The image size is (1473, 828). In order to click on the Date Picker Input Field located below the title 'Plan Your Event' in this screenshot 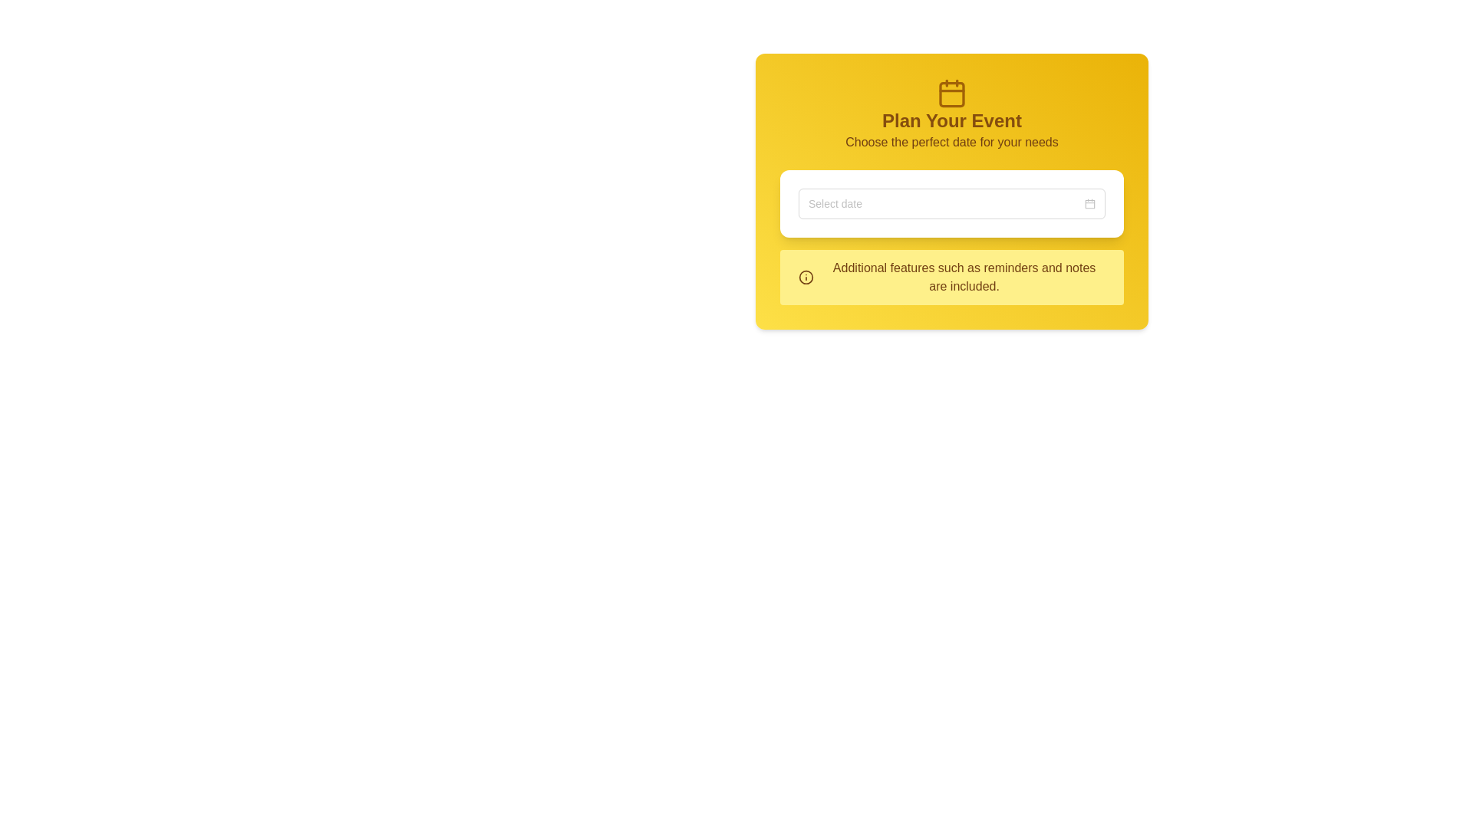, I will do `click(951, 203)`.